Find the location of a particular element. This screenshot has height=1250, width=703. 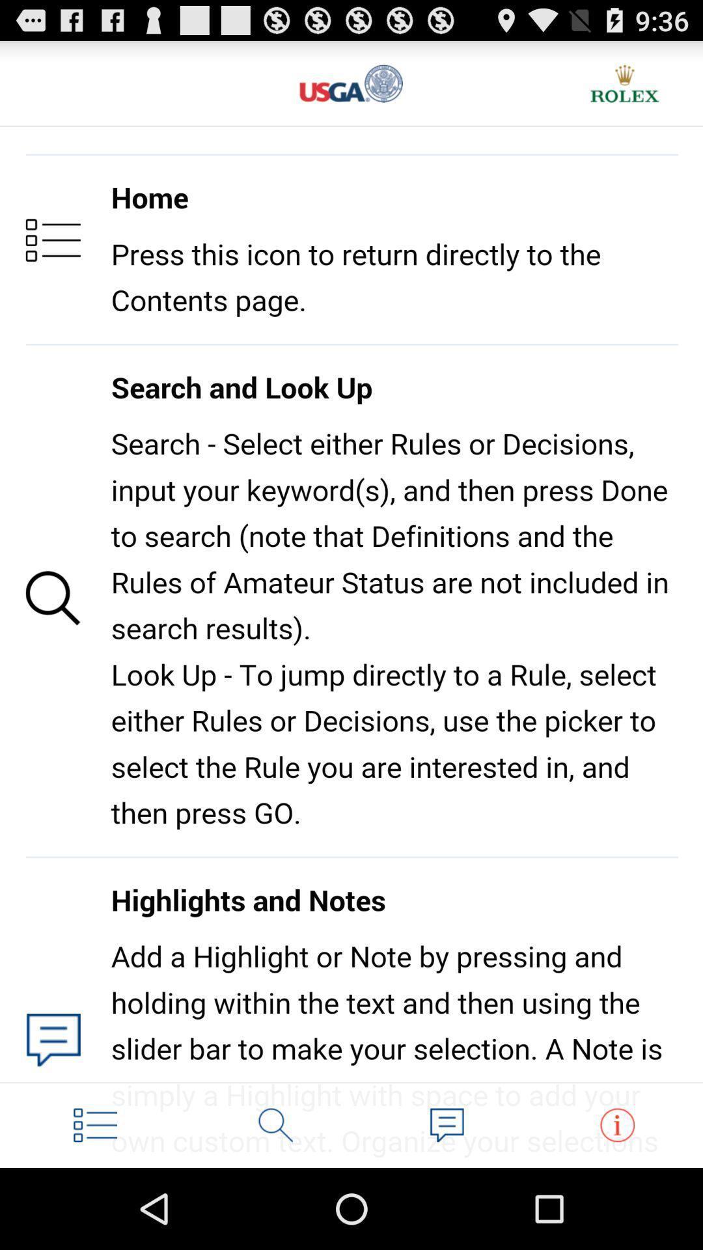

the icon at the top right corner is located at coordinates (624, 83).